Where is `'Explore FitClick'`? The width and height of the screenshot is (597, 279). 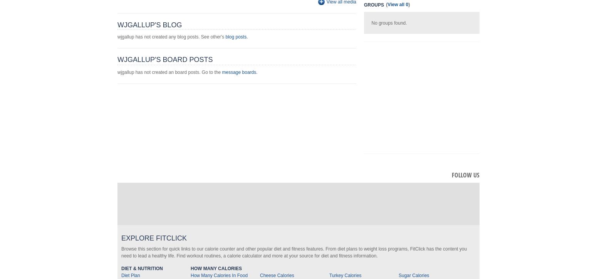 'Explore FitClick' is located at coordinates (121, 238).